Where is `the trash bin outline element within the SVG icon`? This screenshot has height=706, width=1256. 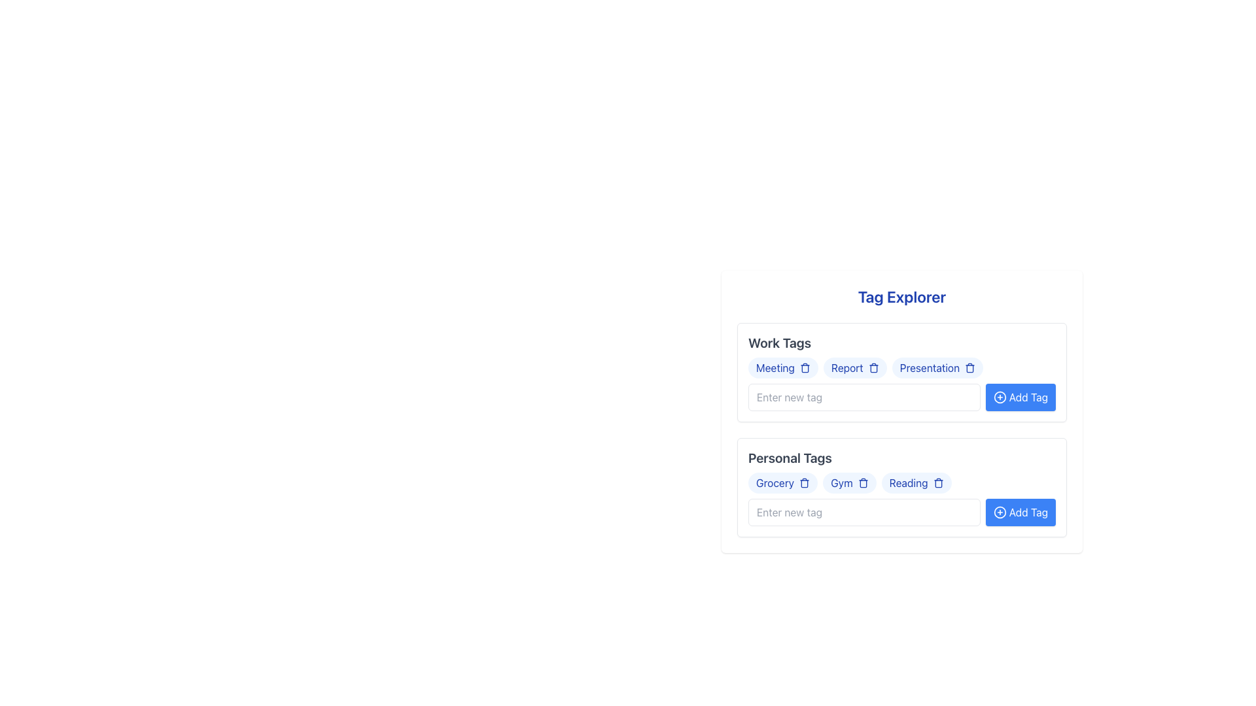 the trash bin outline element within the SVG icon is located at coordinates (937, 484).